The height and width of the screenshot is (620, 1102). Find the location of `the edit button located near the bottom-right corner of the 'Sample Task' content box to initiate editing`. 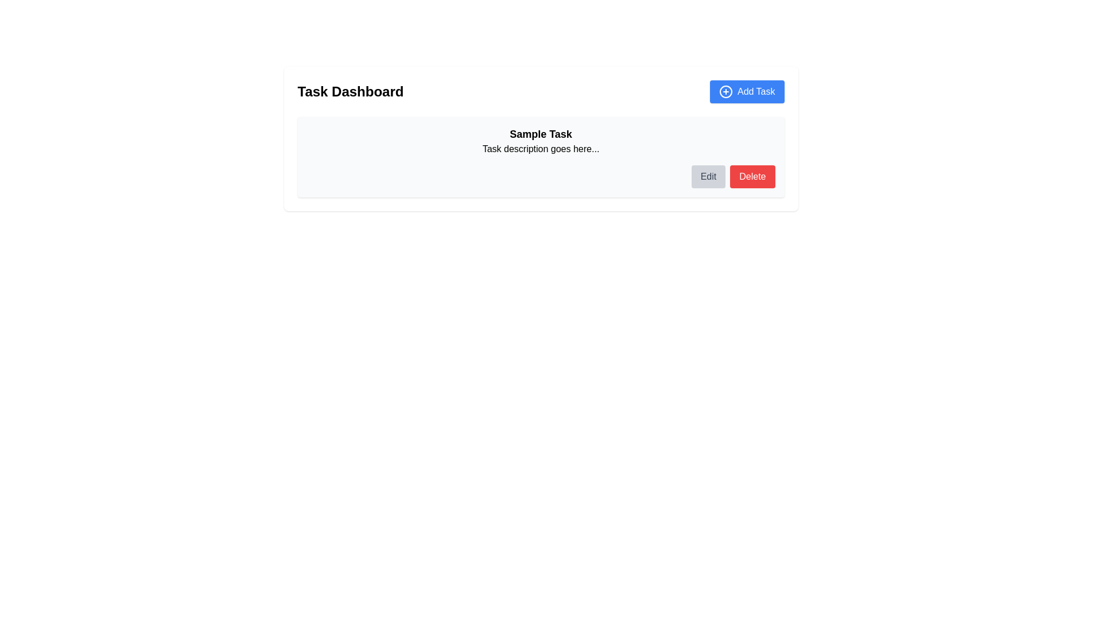

the edit button located near the bottom-right corner of the 'Sample Task' content box to initiate editing is located at coordinates (707, 177).